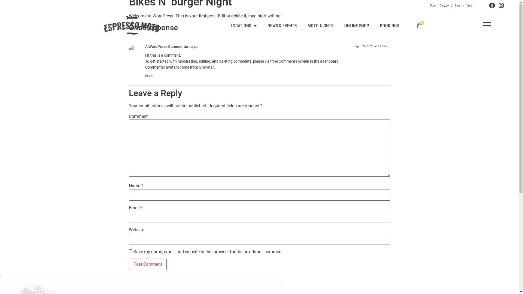  I want to click on 'Post Comment', so click(147, 264).